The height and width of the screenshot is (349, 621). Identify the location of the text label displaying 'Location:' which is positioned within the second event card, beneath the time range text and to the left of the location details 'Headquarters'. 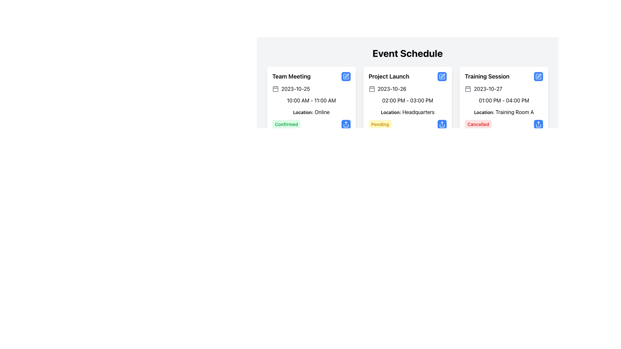
(390, 112).